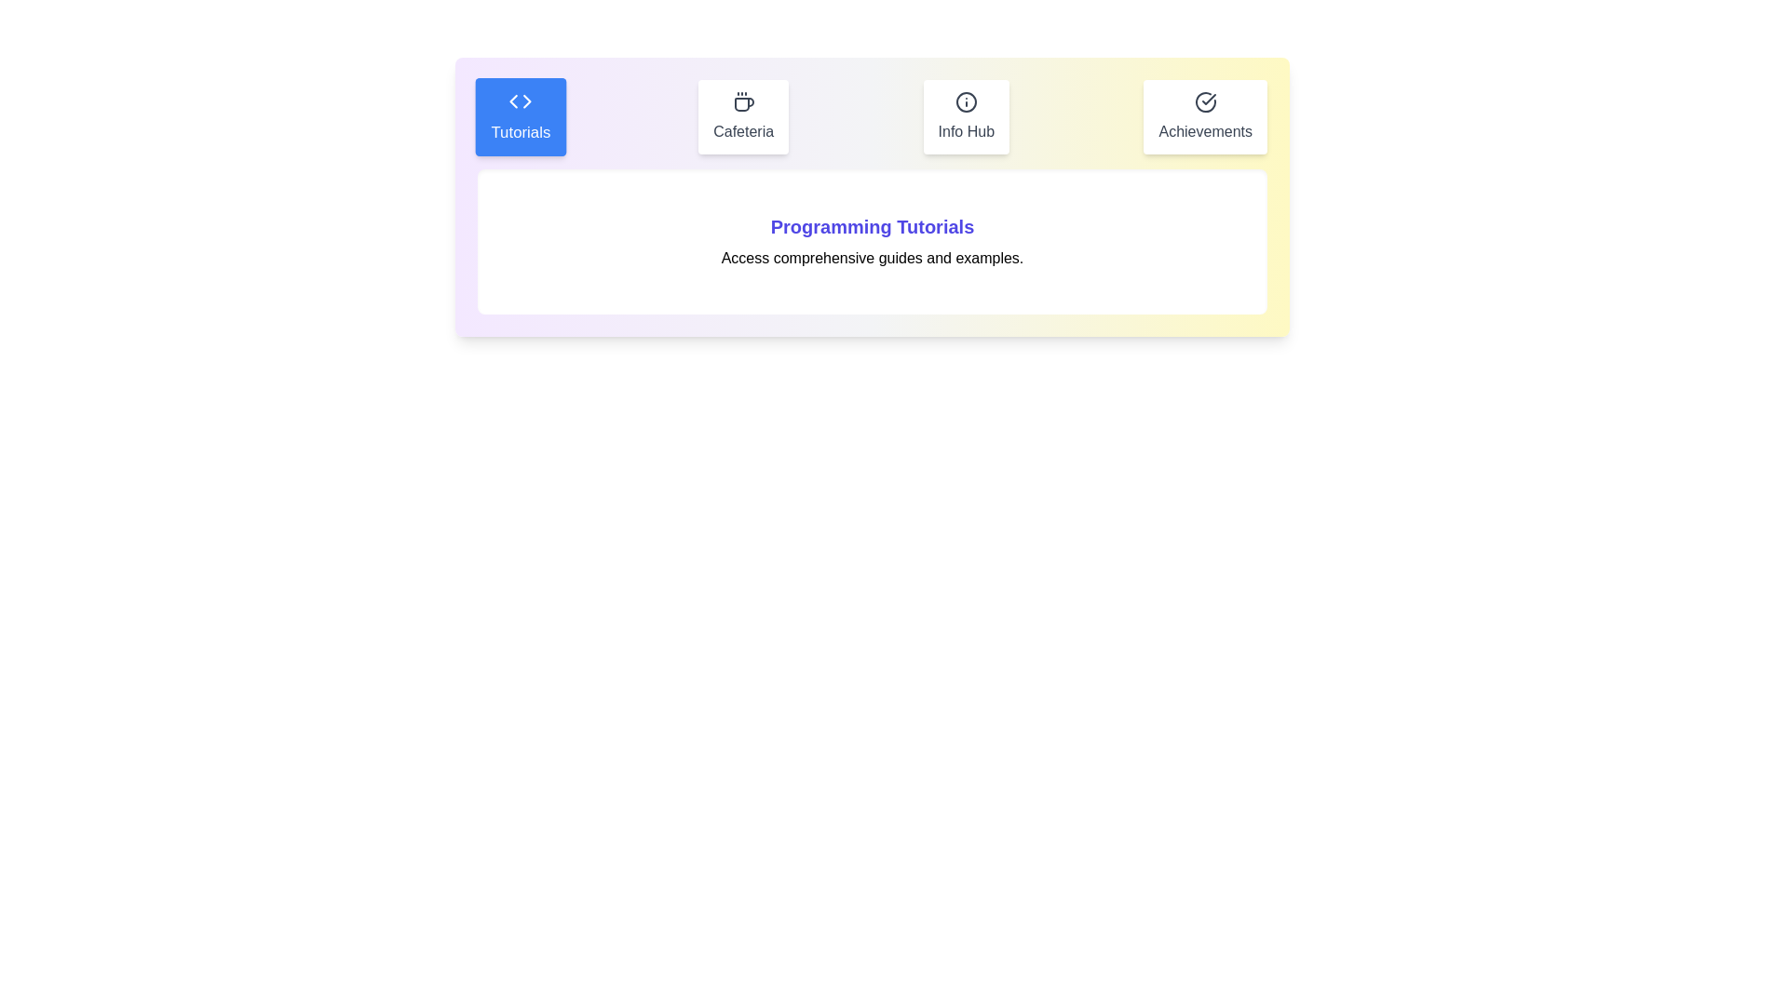 Image resolution: width=1788 pixels, height=1005 pixels. What do you see at coordinates (966, 117) in the screenshot?
I see `the tab labeled Info Hub` at bounding box center [966, 117].